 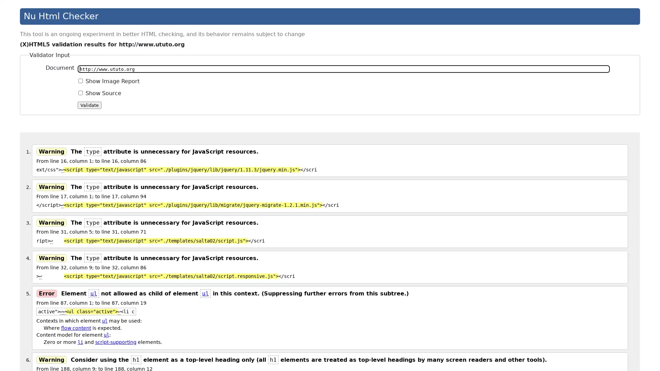 What do you see at coordinates (89, 105) in the screenshot?
I see `Validate` at bounding box center [89, 105].